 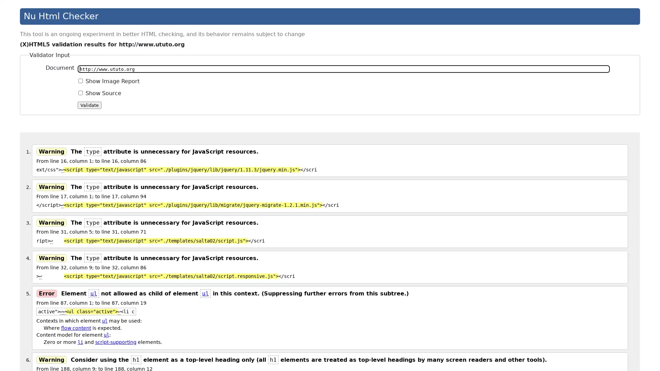 What do you see at coordinates (89, 105) in the screenshot?
I see `Validate` at bounding box center [89, 105].